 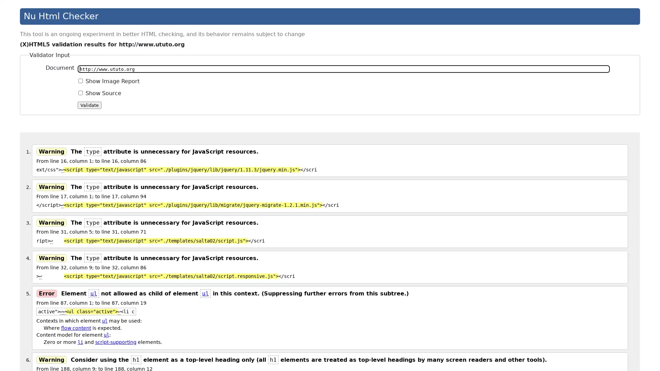 What do you see at coordinates (89, 105) in the screenshot?
I see `Validate` at bounding box center [89, 105].